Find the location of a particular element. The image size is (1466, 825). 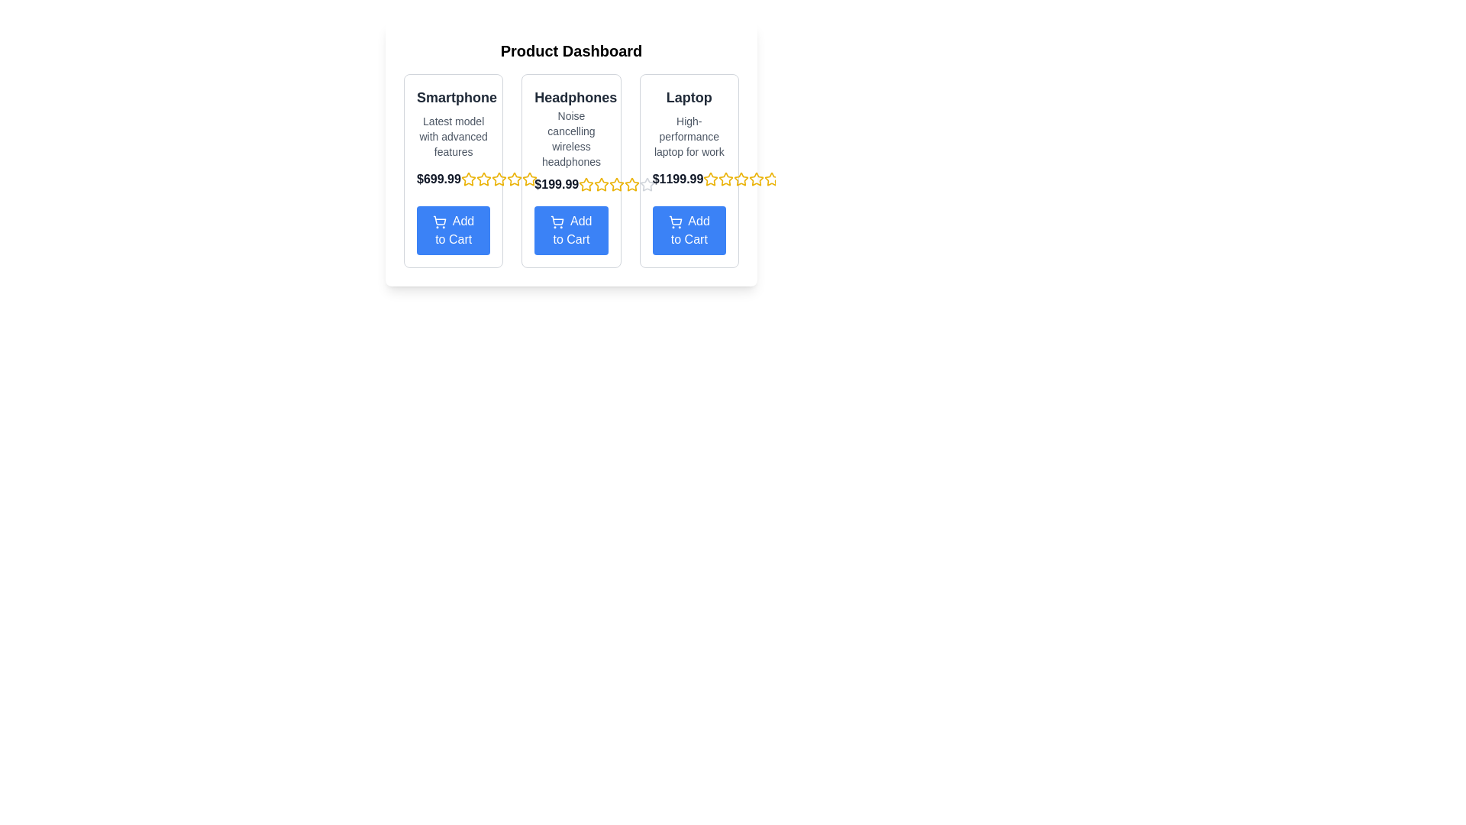

the shopping cart icon located on the left side of the 'Add to Cart' button beneath the product price for the 'Laptop' item is located at coordinates (674, 222).